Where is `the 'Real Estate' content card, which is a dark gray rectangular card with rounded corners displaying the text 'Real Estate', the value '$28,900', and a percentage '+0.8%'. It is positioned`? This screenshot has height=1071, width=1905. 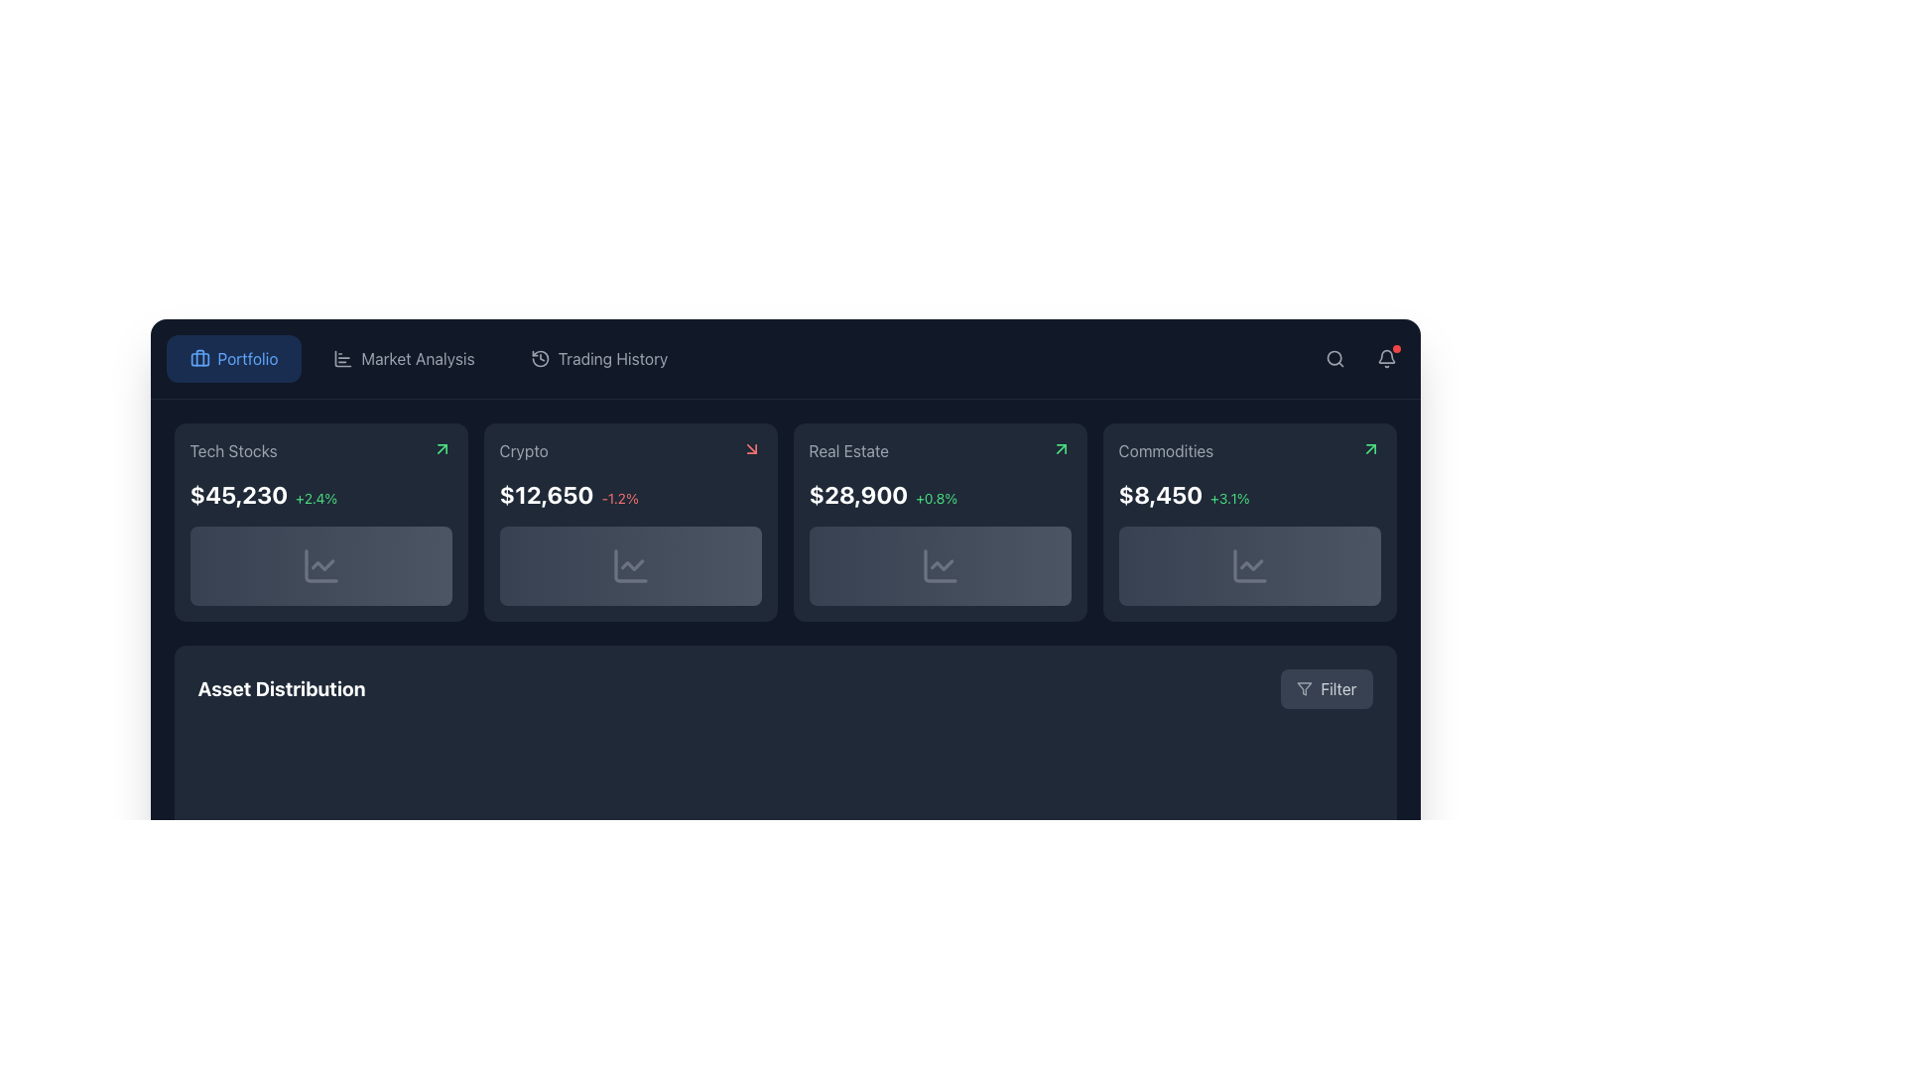 the 'Real Estate' content card, which is a dark gray rectangular card with rounded corners displaying the text 'Real Estate', the value '$28,900', and a percentage '+0.8%'. It is positioned is located at coordinates (939, 522).